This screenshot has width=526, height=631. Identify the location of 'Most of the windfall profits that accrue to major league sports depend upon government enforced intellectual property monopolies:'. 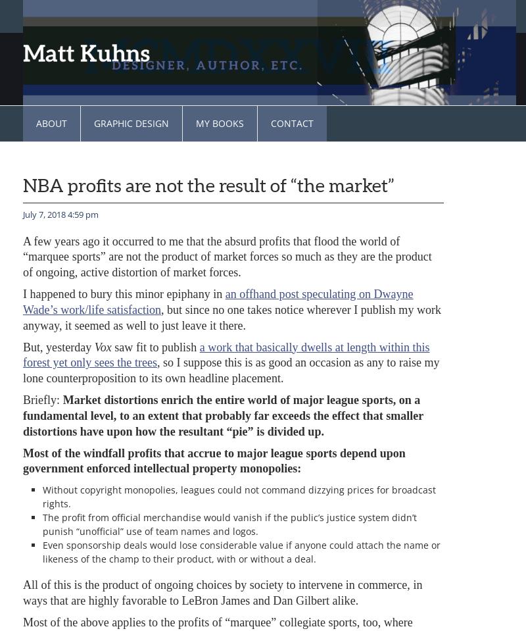
(213, 459).